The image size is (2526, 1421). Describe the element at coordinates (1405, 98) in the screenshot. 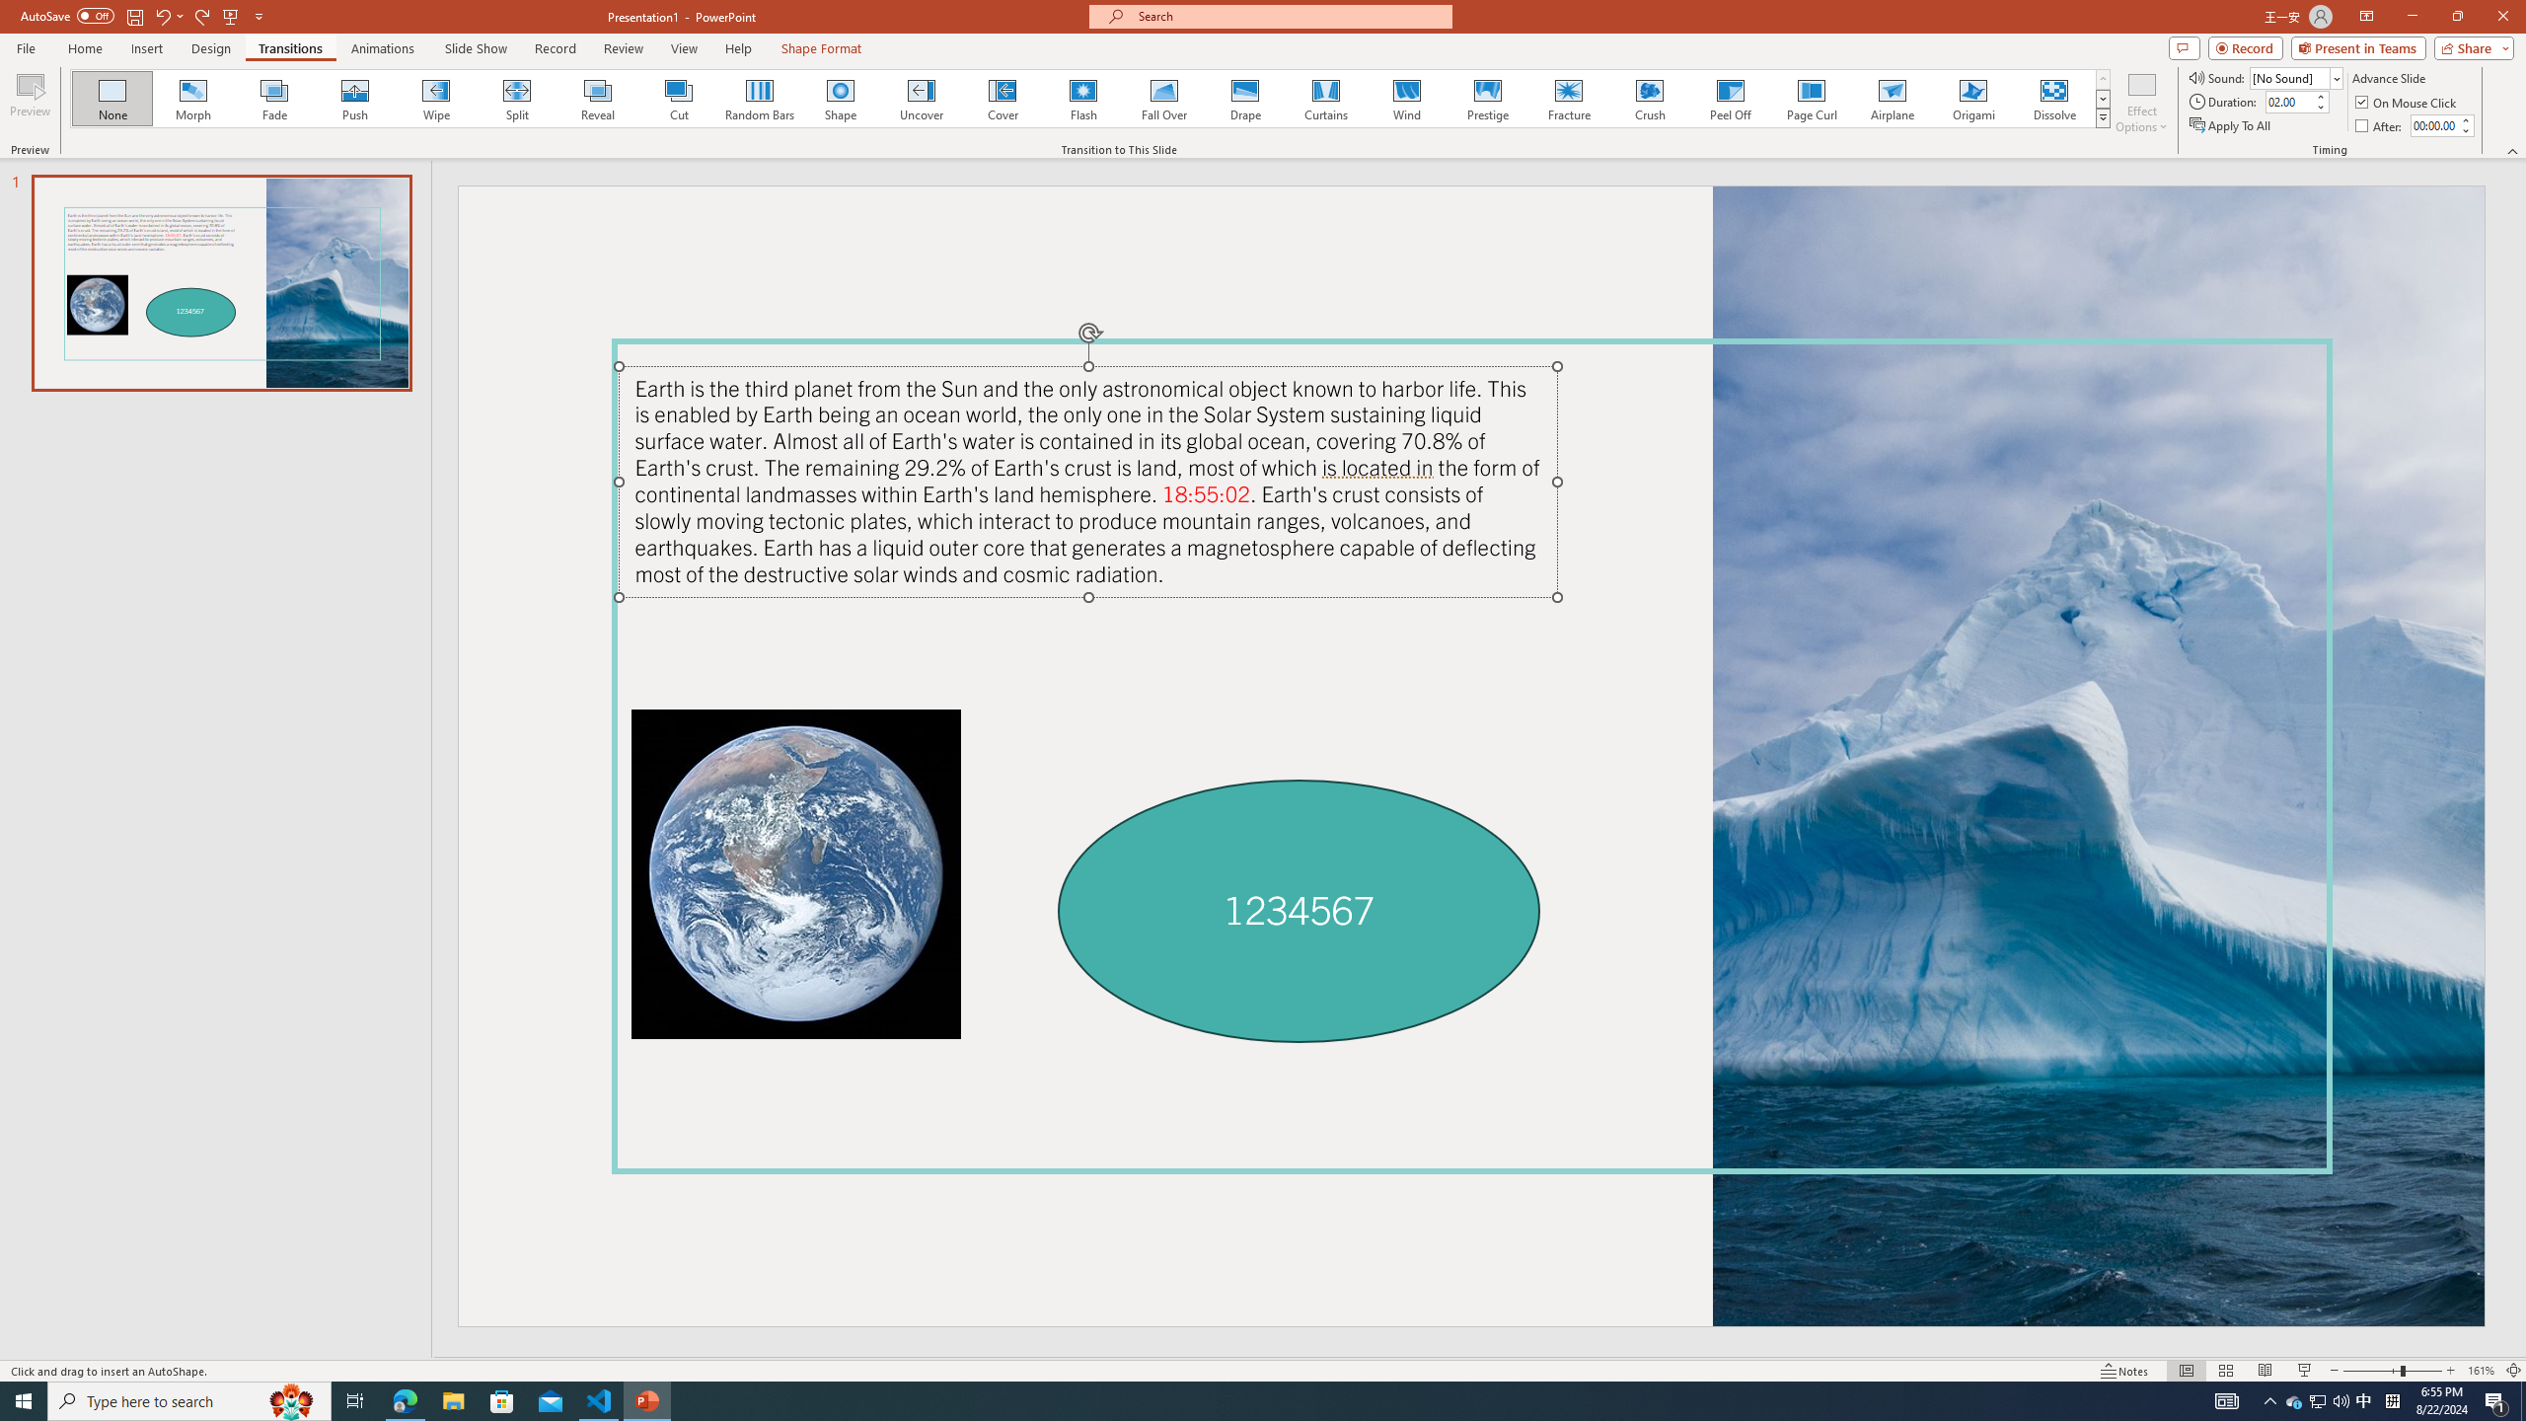

I see `'Wind'` at that location.